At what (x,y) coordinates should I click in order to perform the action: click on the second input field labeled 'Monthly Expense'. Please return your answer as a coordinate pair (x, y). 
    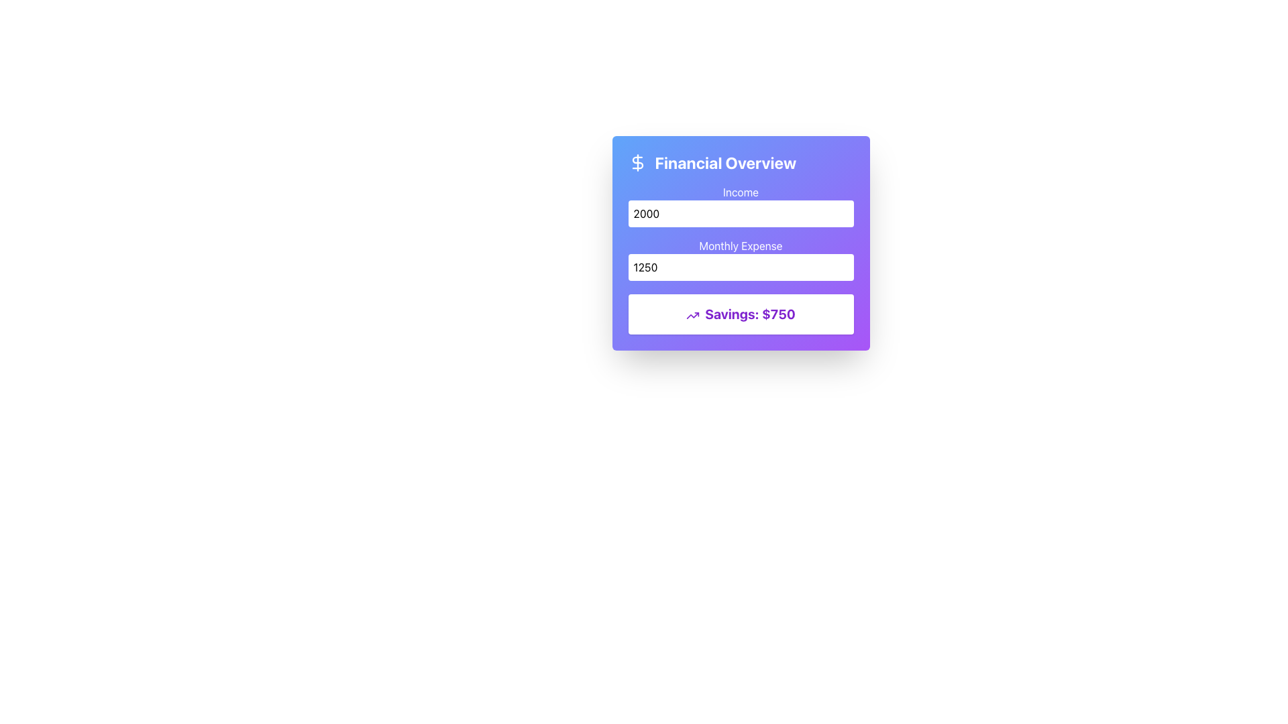
    Looking at the image, I should click on (740, 259).